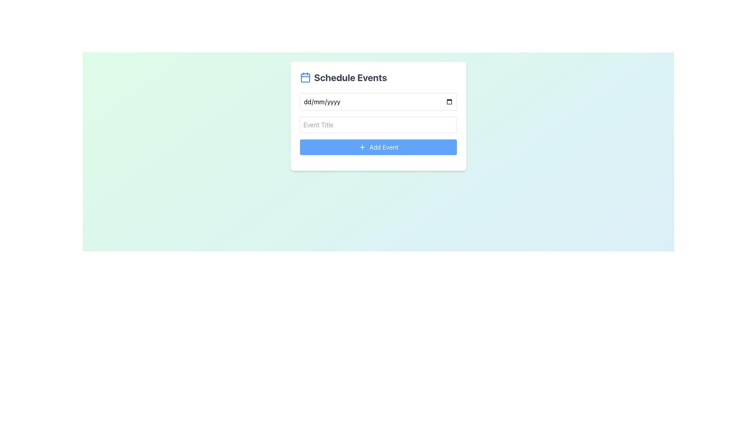  I want to click on the confirmation button located beneath the 'Event Title' and 'Date' input fields to change its background color, so click(378, 147).